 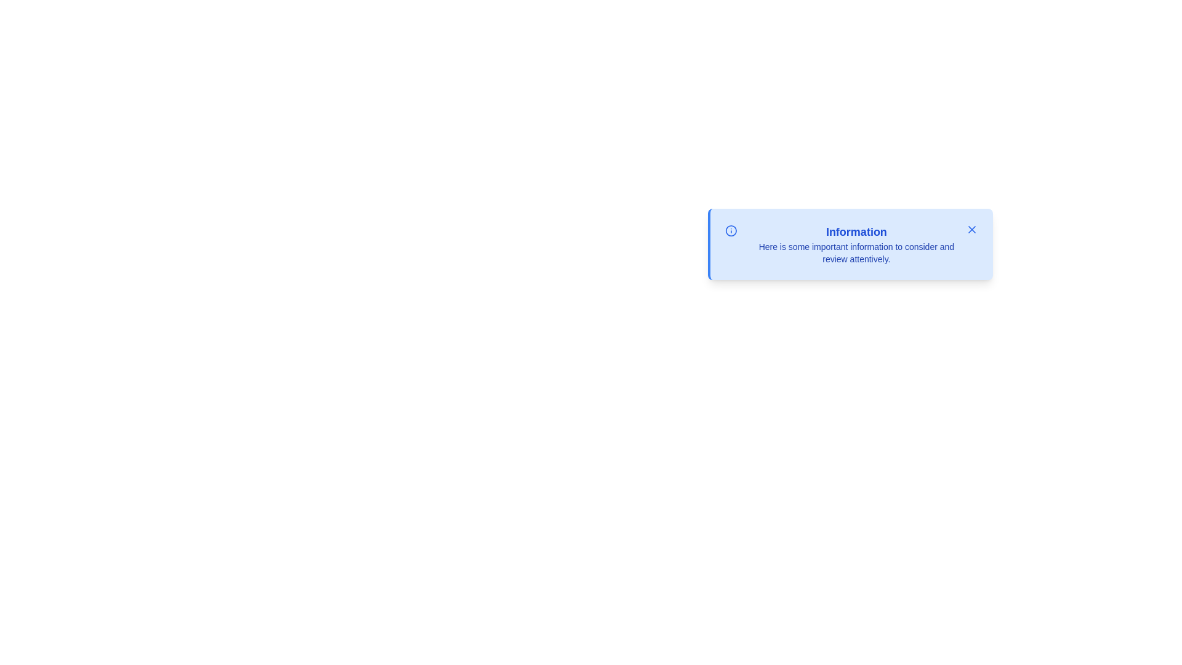 What do you see at coordinates (856, 244) in the screenshot?
I see `the text area of the alert to select its content` at bounding box center [856, 244].